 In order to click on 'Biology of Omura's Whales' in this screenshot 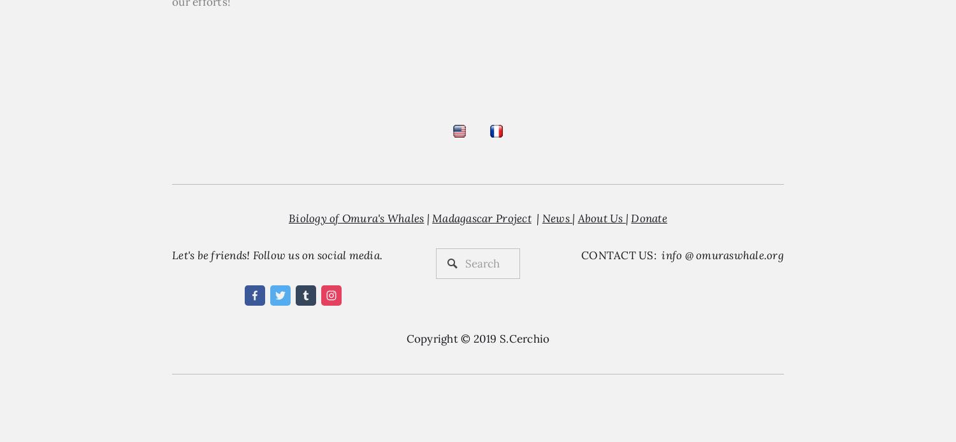, I will do `click(356, 217)`.